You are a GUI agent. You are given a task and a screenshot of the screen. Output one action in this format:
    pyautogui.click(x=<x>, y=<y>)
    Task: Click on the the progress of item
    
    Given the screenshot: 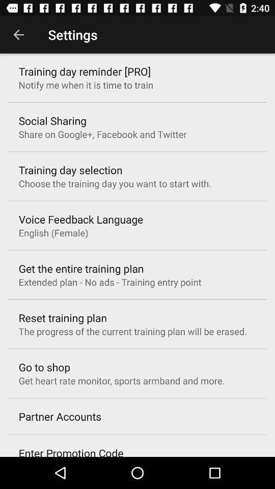 What is the action you would take?
    pyautogui.click(x=132, y=331)
    